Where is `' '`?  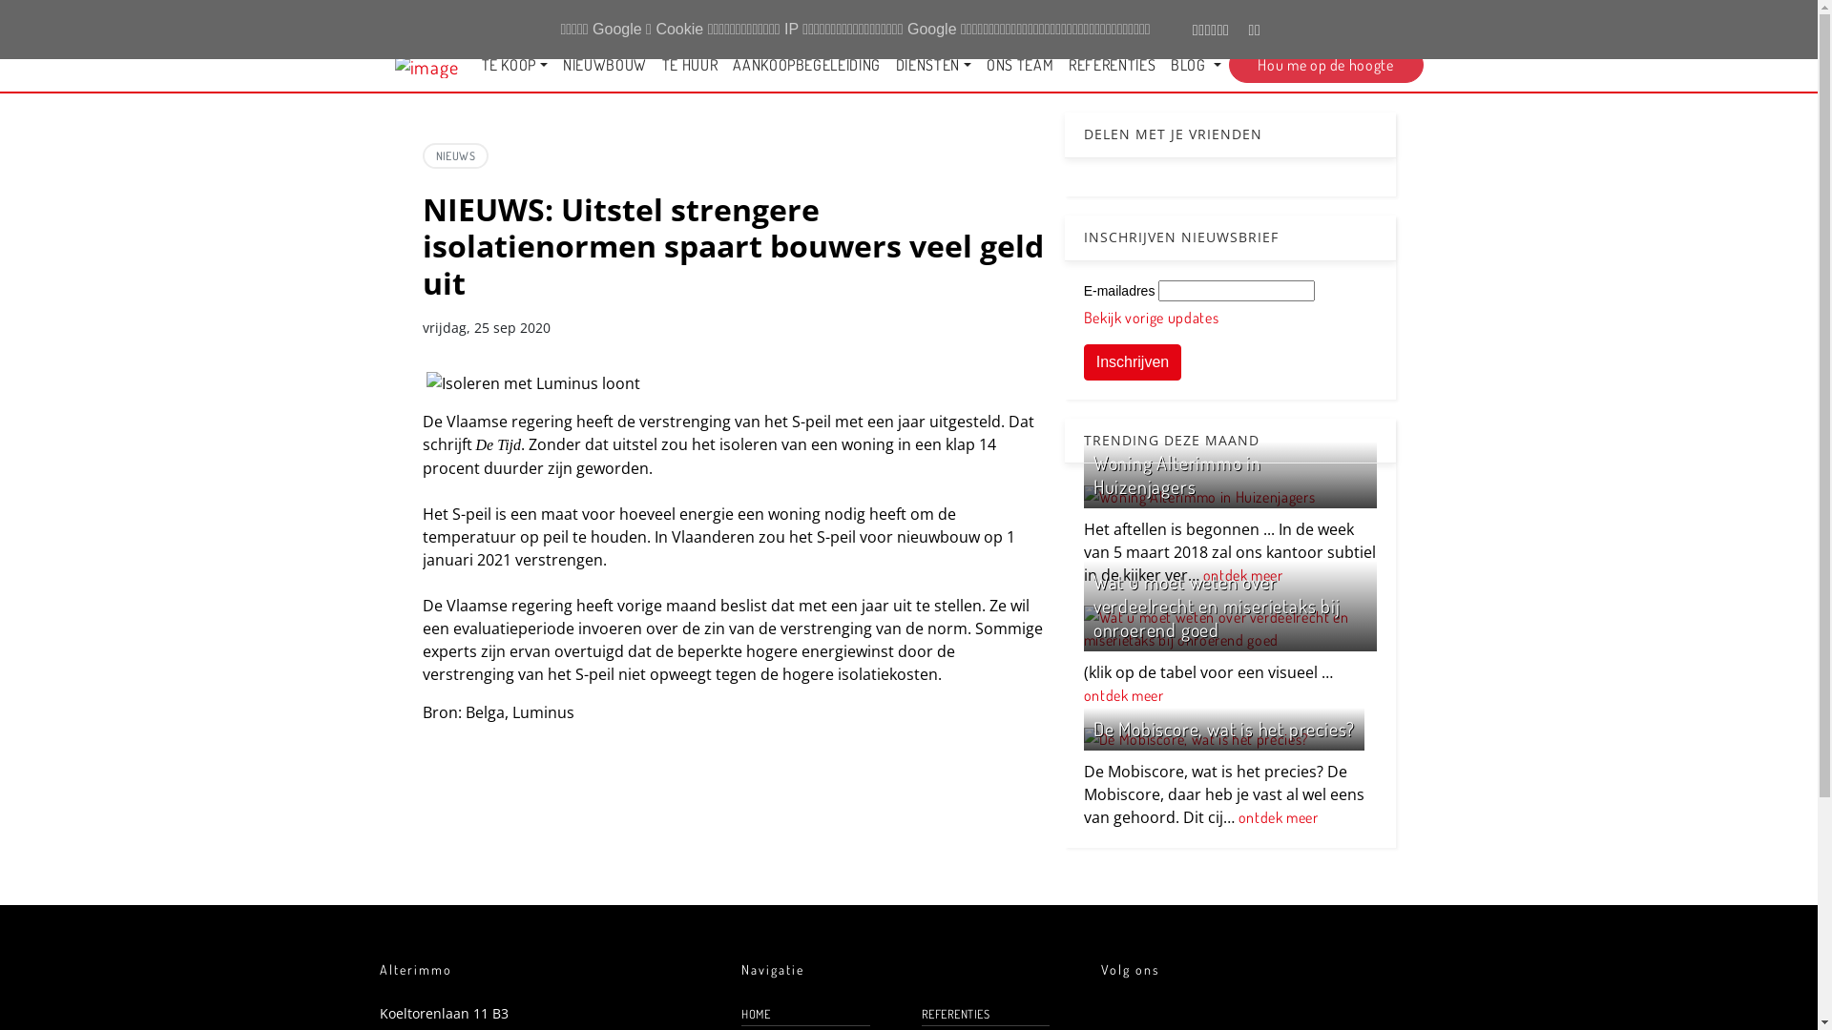
' ' is located at coordinates (1383, 18).